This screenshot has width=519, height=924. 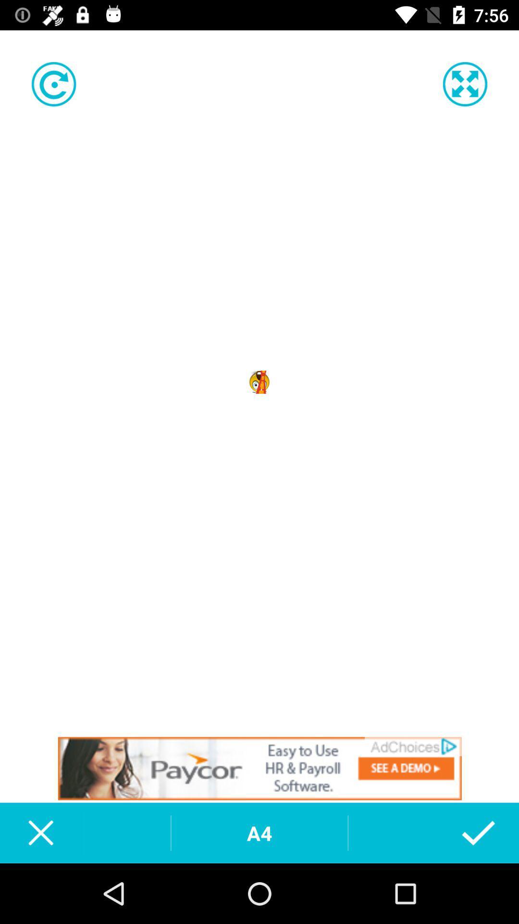 What do you see at coordinates (464, 84) in the screenshot?
I see `the fullscreen icon` at bounding box center [464, 84].